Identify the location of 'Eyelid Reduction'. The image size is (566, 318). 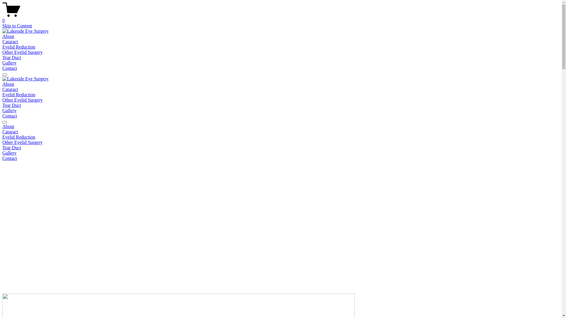
(280, 137).